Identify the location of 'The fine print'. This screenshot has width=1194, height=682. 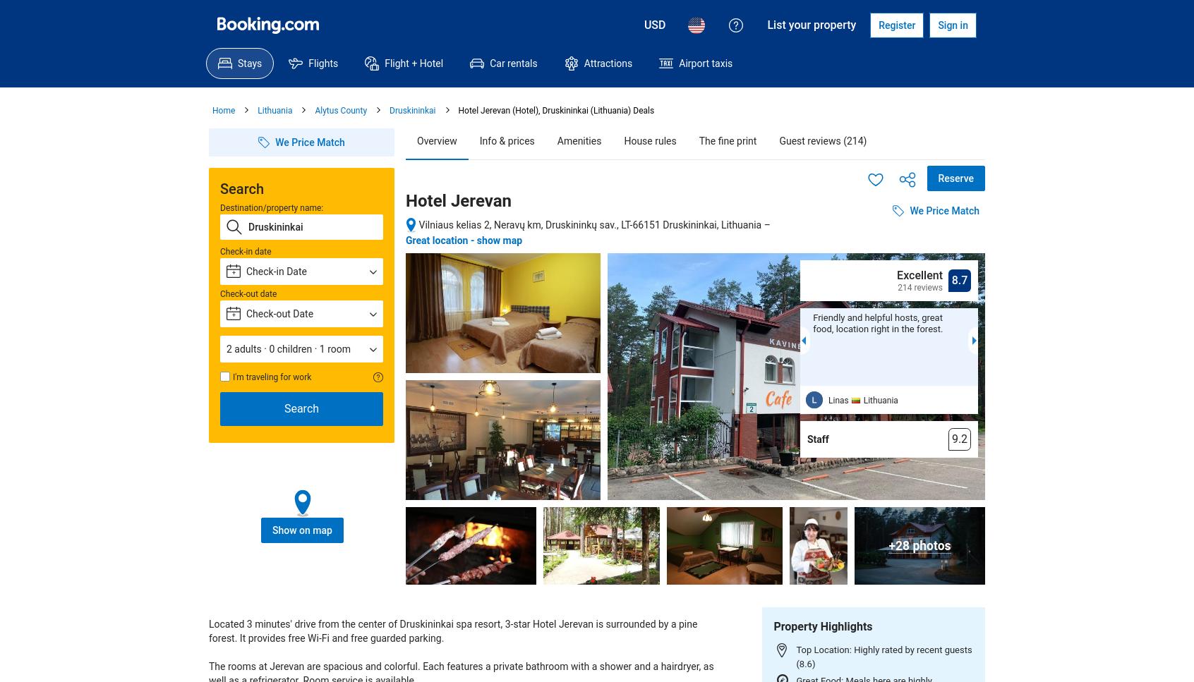
(726, 140).